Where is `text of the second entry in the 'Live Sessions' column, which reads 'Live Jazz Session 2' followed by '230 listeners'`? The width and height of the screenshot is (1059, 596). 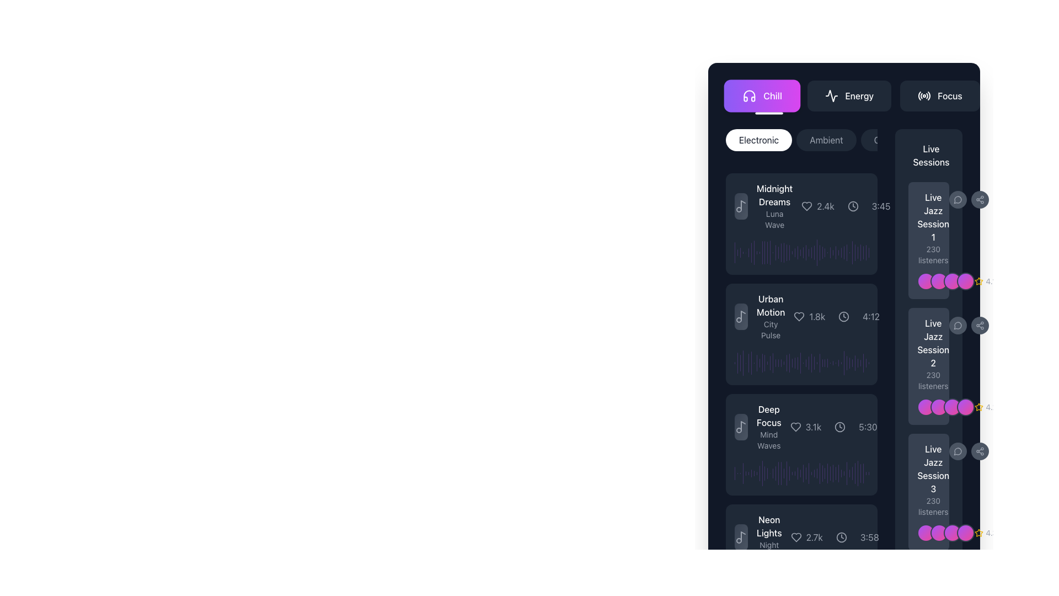
text of the second entry in the 'Live Sessions' column, which reads 'Live Jazz Session 2' followed by '230 listeners' is located at coordinates (933, 354).